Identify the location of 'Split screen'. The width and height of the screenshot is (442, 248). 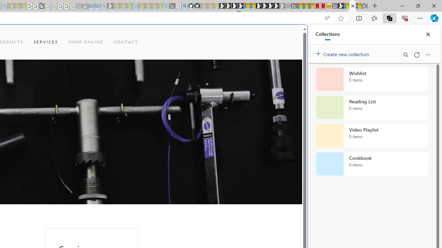
(359, 18).